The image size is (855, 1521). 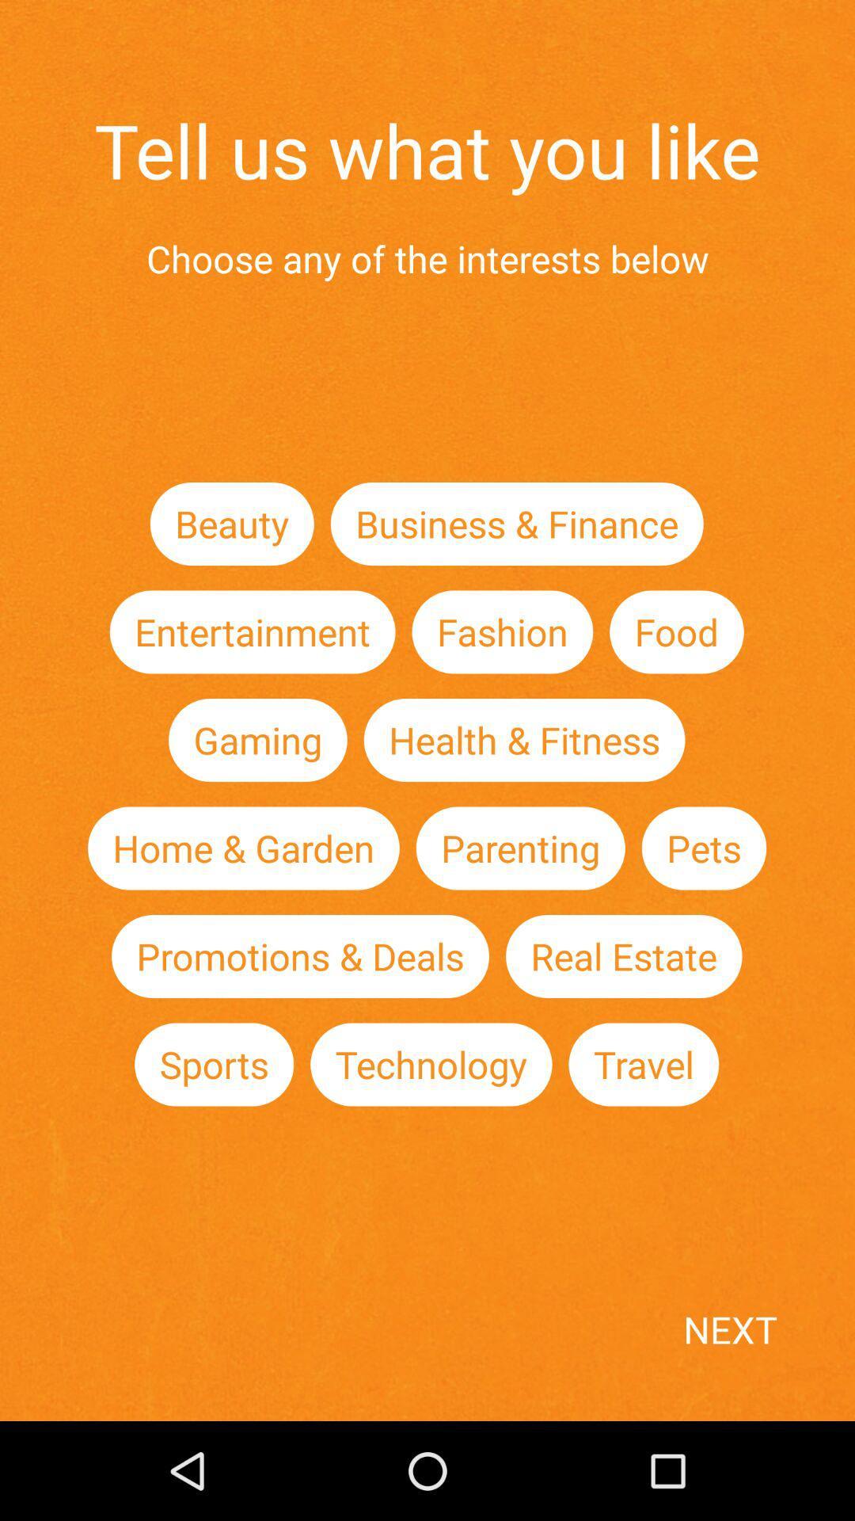 I want to click on the travel icon, so click(x=644, y=1065).